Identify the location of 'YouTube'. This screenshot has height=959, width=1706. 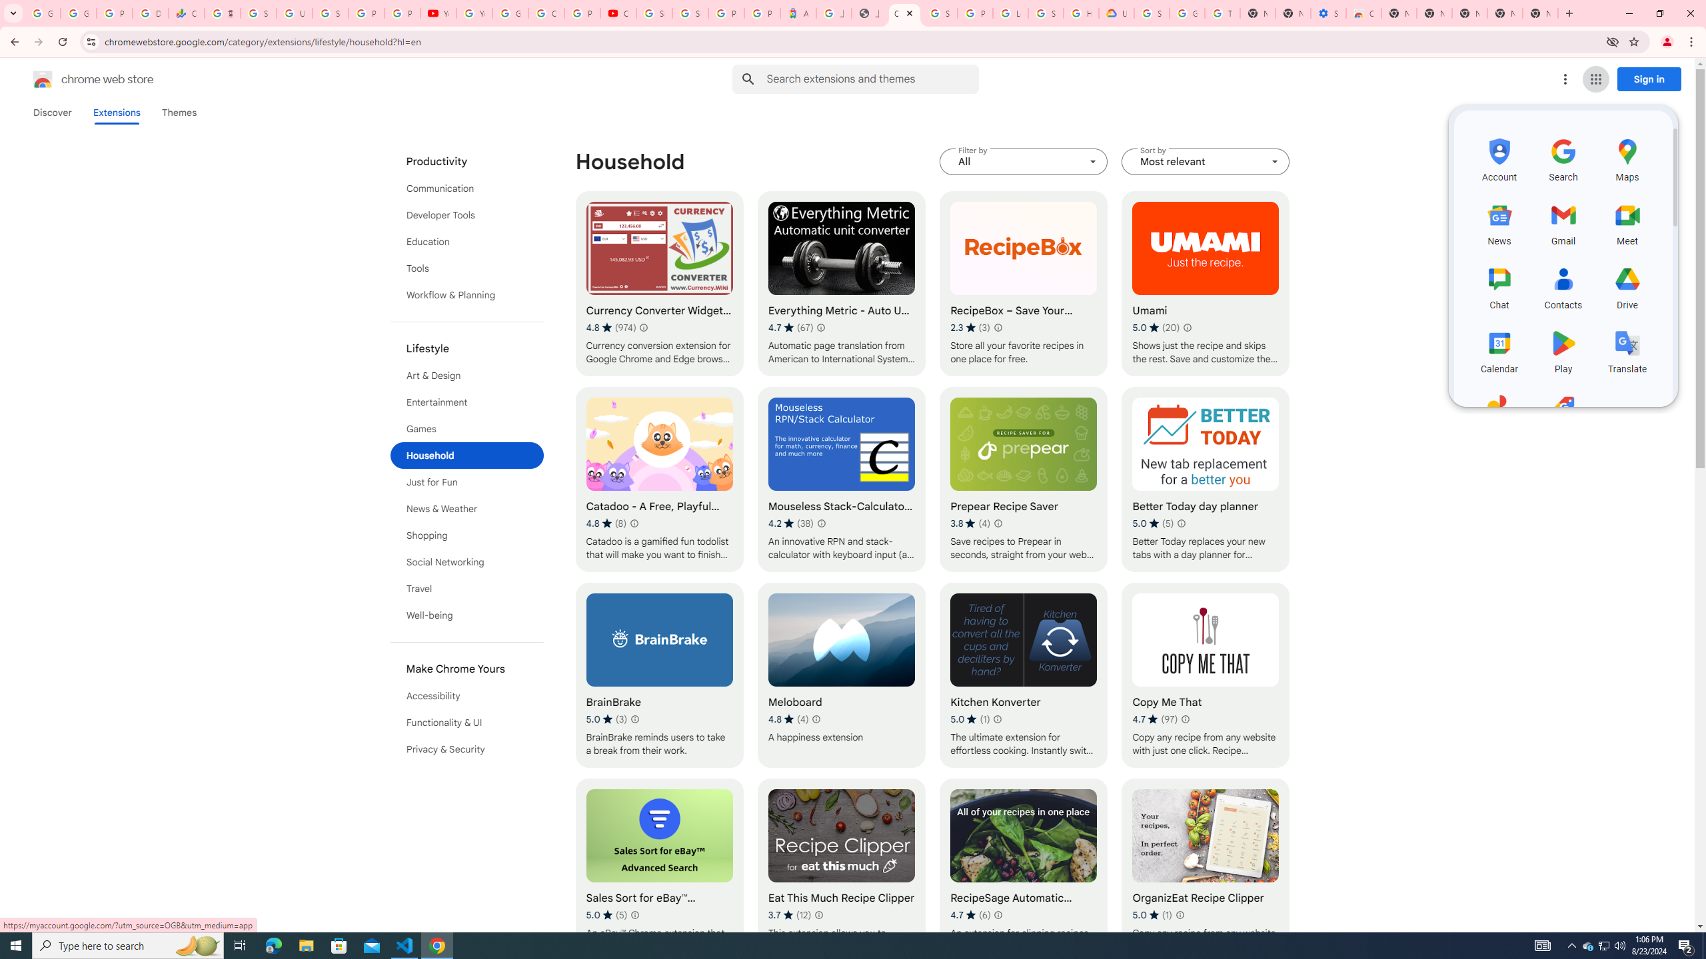
(473, 13).